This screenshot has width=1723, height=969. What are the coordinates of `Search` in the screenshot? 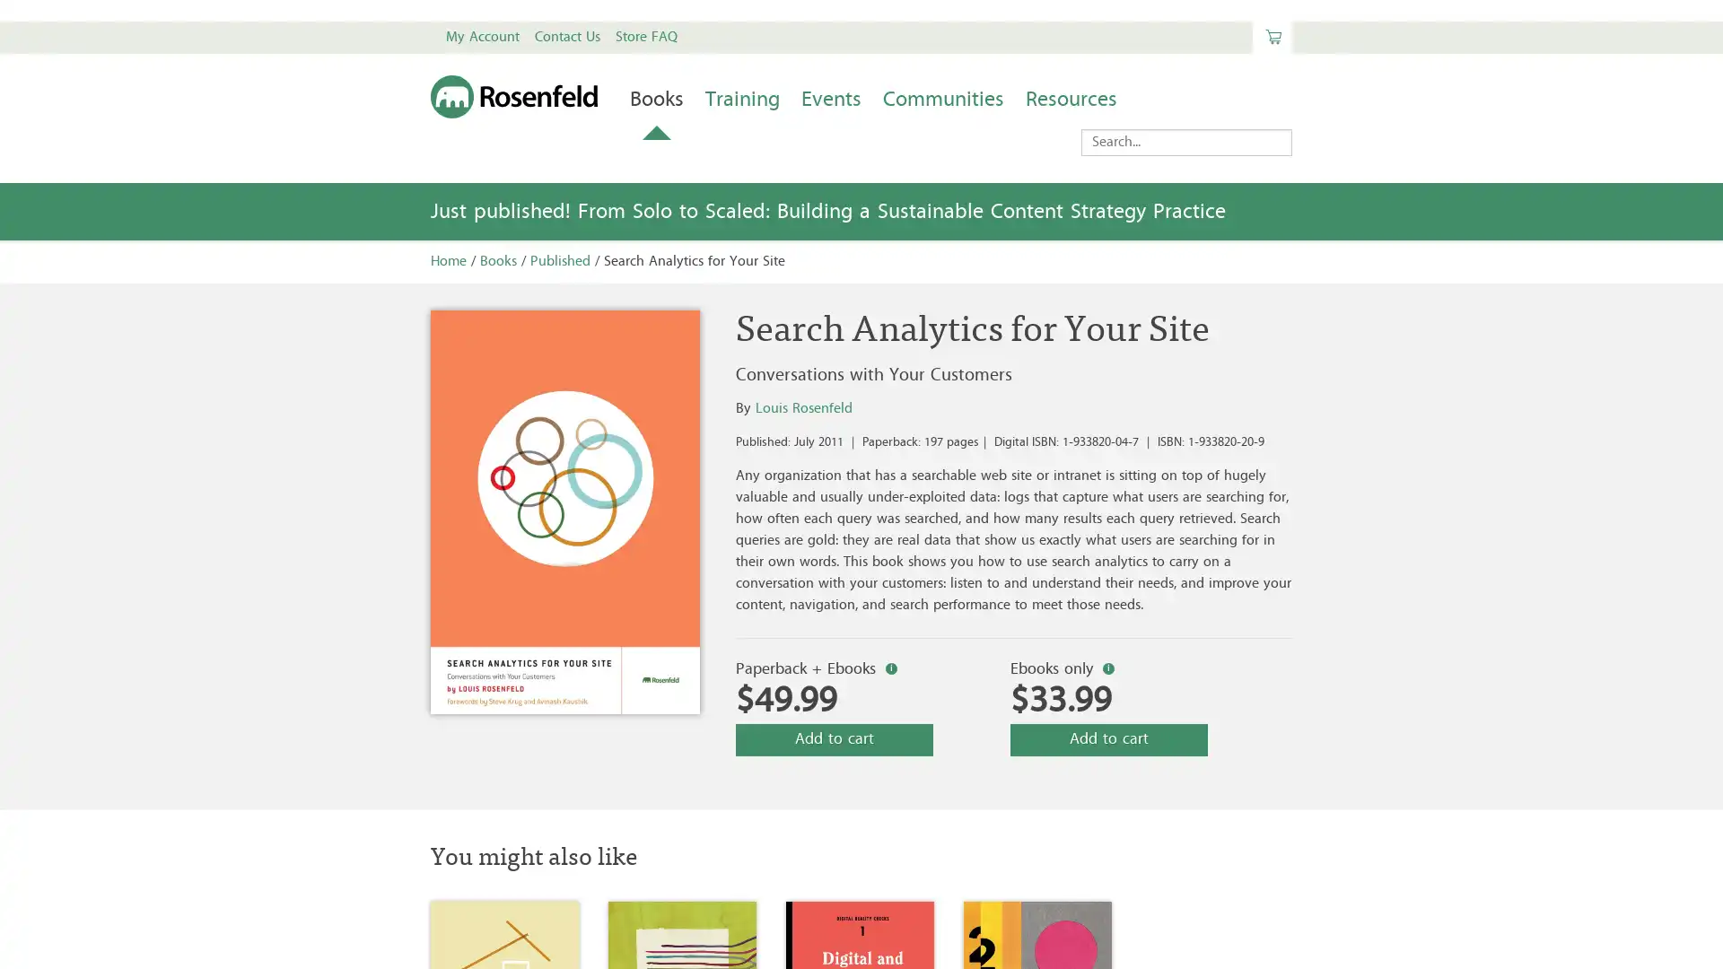 It's located at (1101, 138).